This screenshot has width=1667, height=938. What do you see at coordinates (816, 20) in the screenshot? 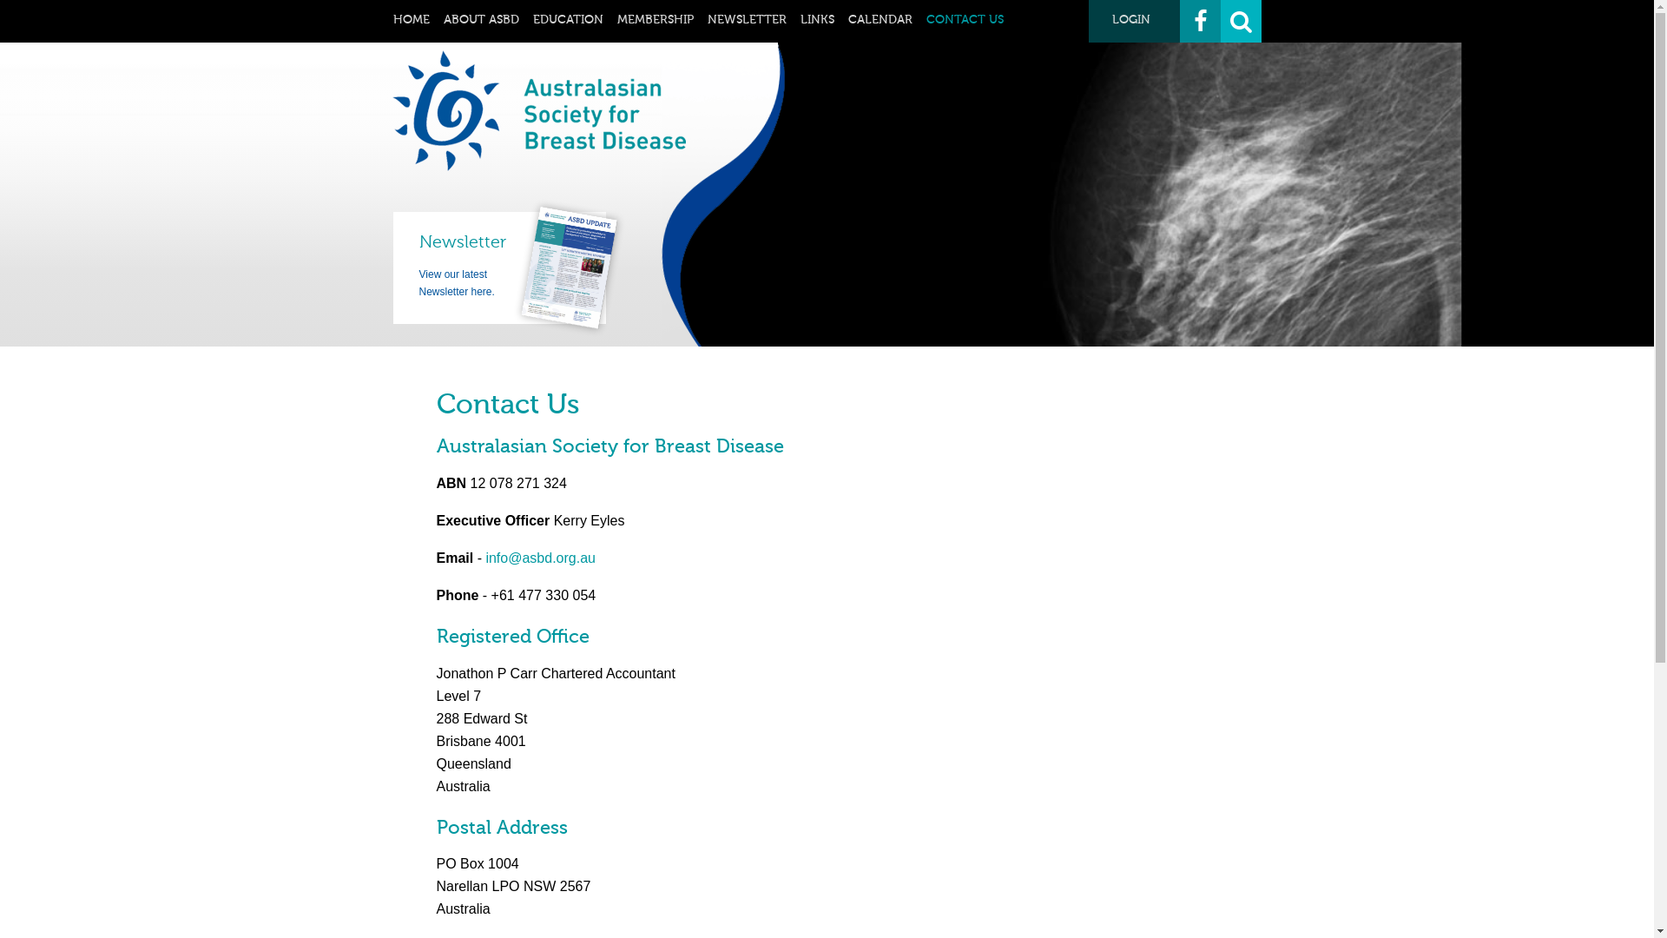
I see `'LINKS'` at bounding box center [816, 20].